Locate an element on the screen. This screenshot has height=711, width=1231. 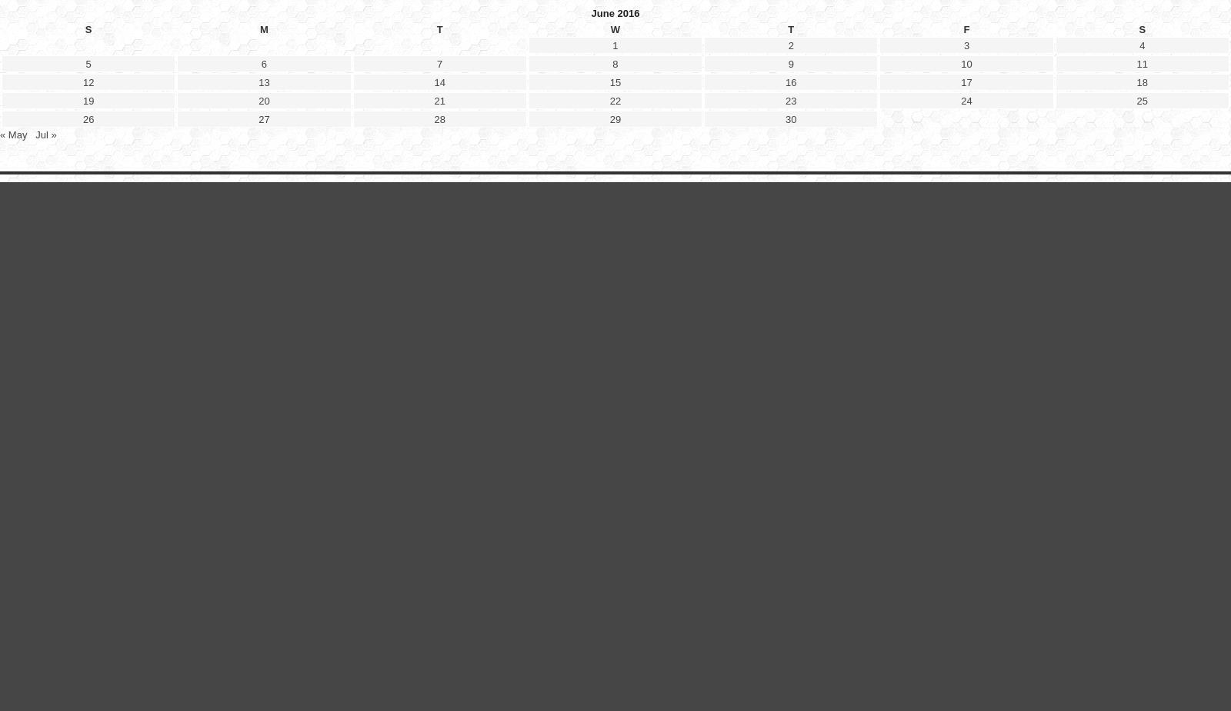
'4' is located at coordinates (1139, 424).